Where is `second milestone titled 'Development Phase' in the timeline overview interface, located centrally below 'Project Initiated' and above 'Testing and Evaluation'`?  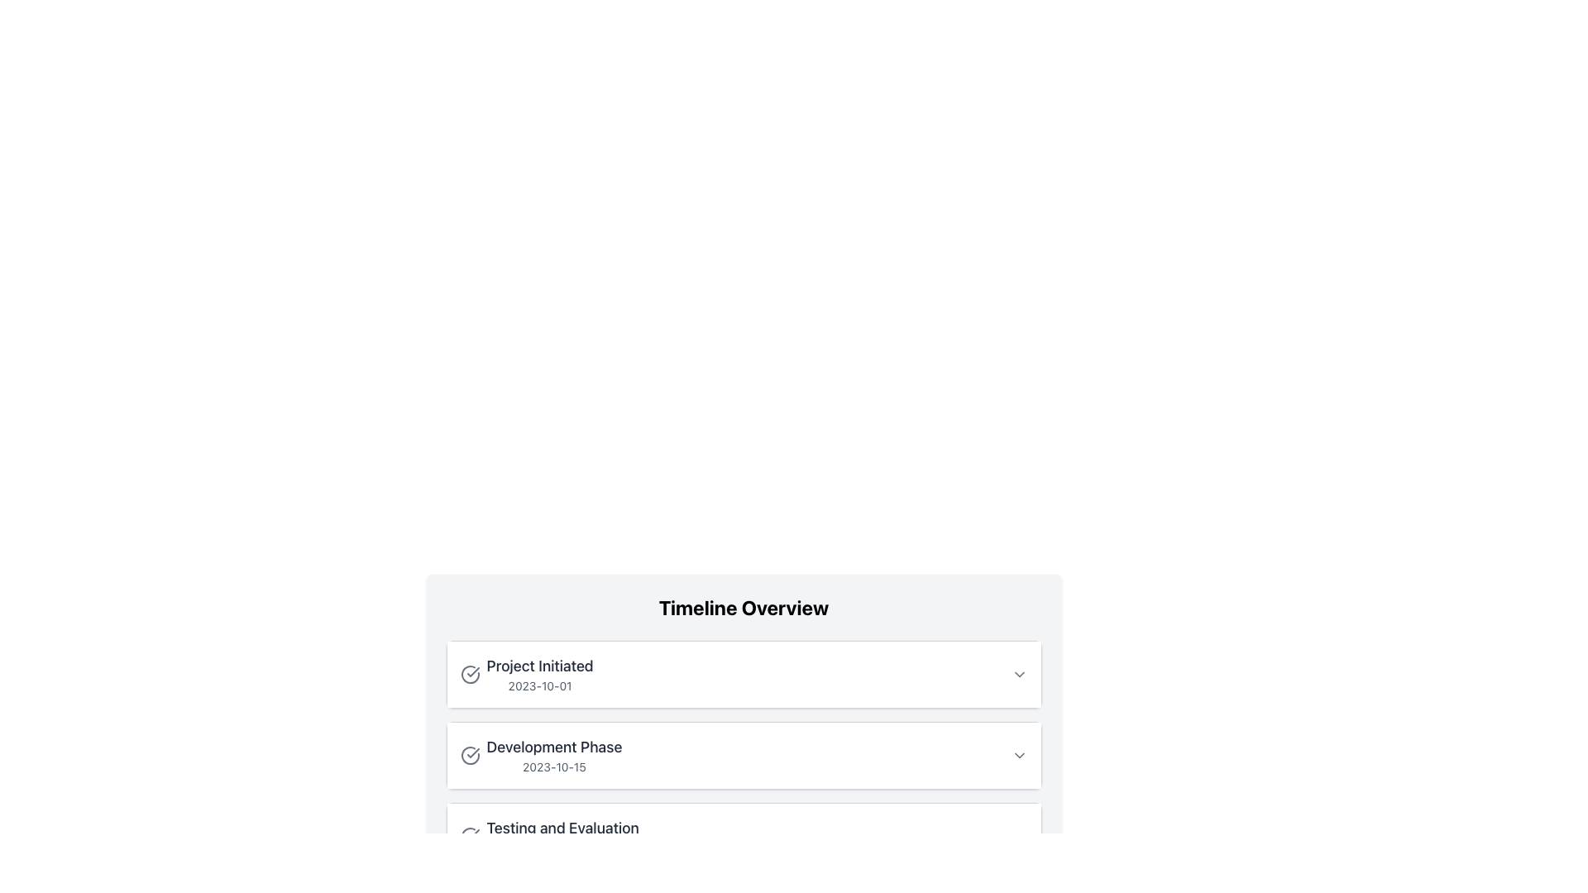 second milestone titled 'Development Phase' in the timeline overview interface, located centrally below 'Project Initiated' and above 'Testing and Evaluation' is located at coordinates (743, 756).